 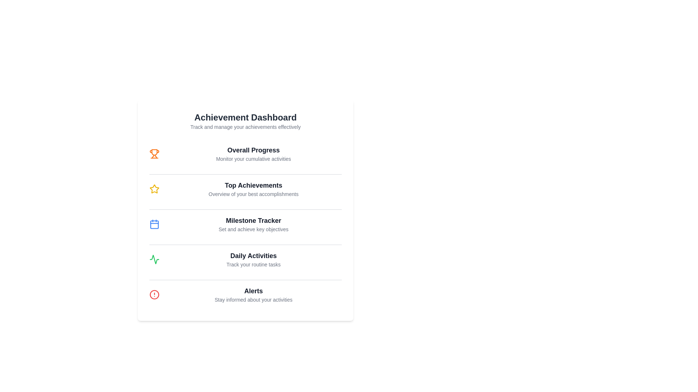 I want to click on text block titled 'Top Achievements' which contains the heading in bold and the description in a lighter gray font, located in the middle section of a vertical list between 'Overall Progress' and 'Milestone Tracker', so click(x=253, y=188).